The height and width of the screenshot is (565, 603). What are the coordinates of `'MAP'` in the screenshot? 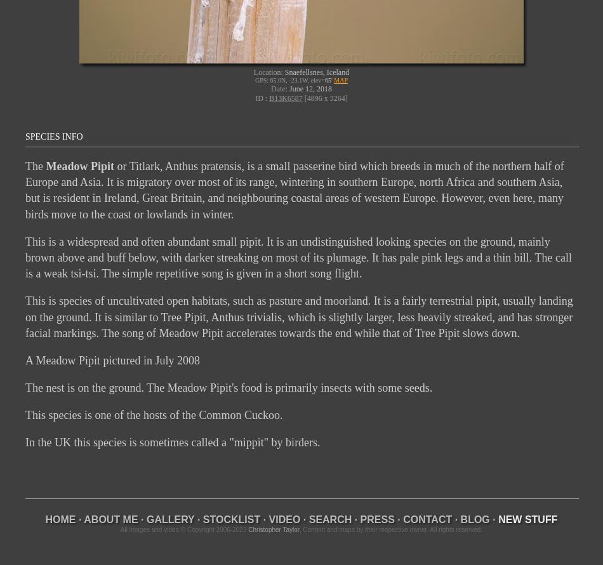 It's located at (341, 79).